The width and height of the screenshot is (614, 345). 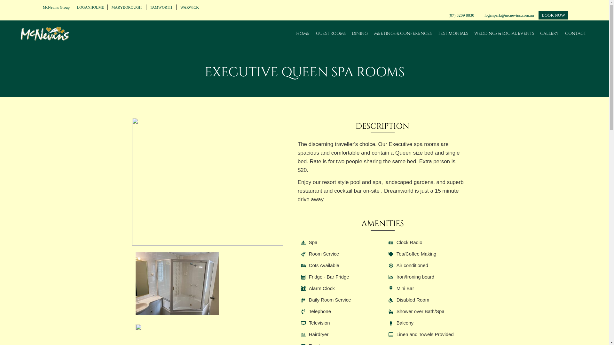 What do you see at coordinates (331, 33) in the screenshot?
I see `'GUEST ROOMS'` at bounding box center [331, 33].